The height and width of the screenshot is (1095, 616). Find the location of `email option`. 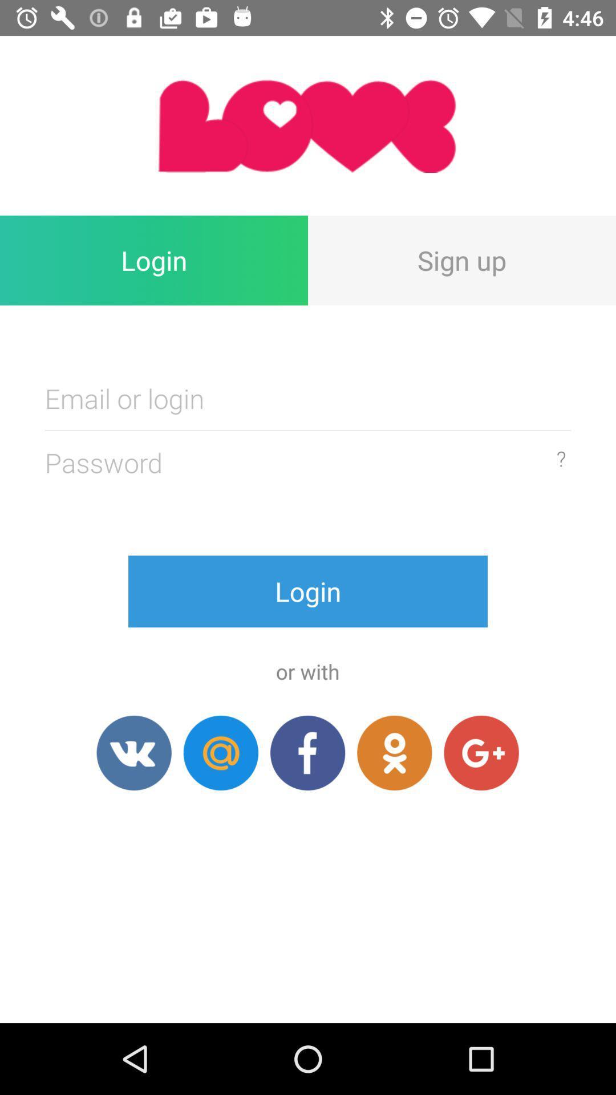

email option is located at coordinates (221, 753).